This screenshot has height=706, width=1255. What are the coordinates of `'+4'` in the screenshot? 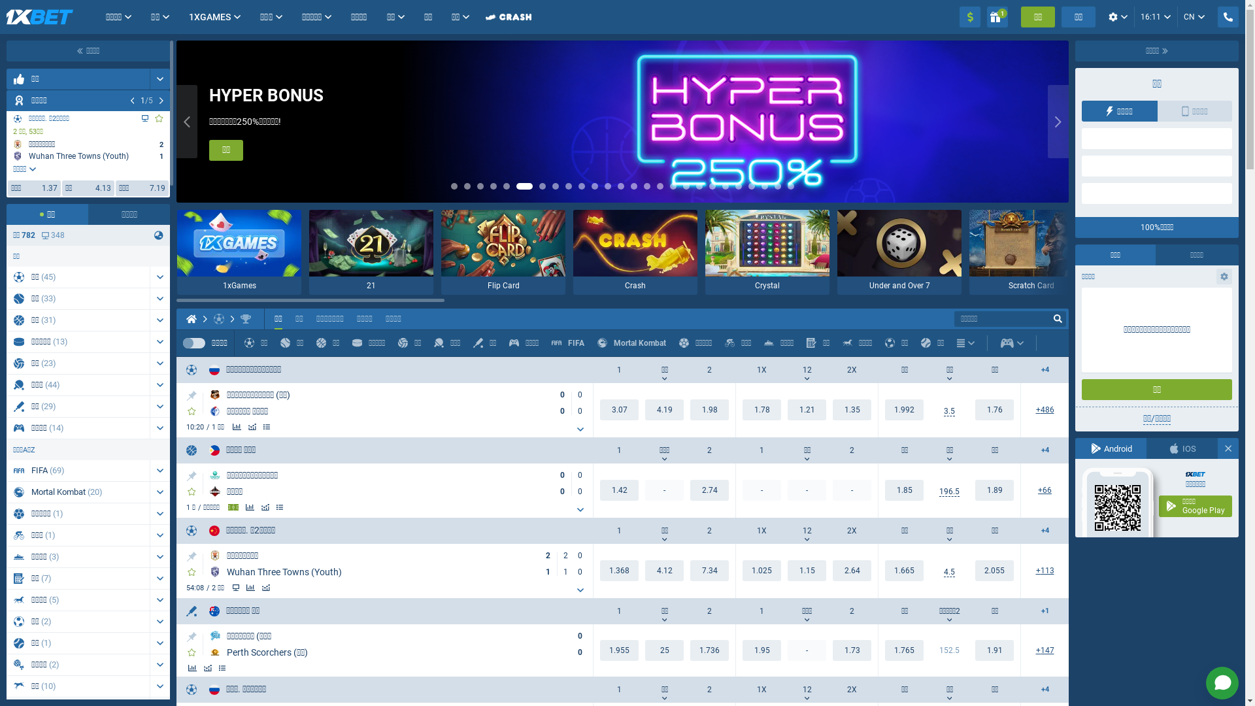 It's located at (1044, 370).